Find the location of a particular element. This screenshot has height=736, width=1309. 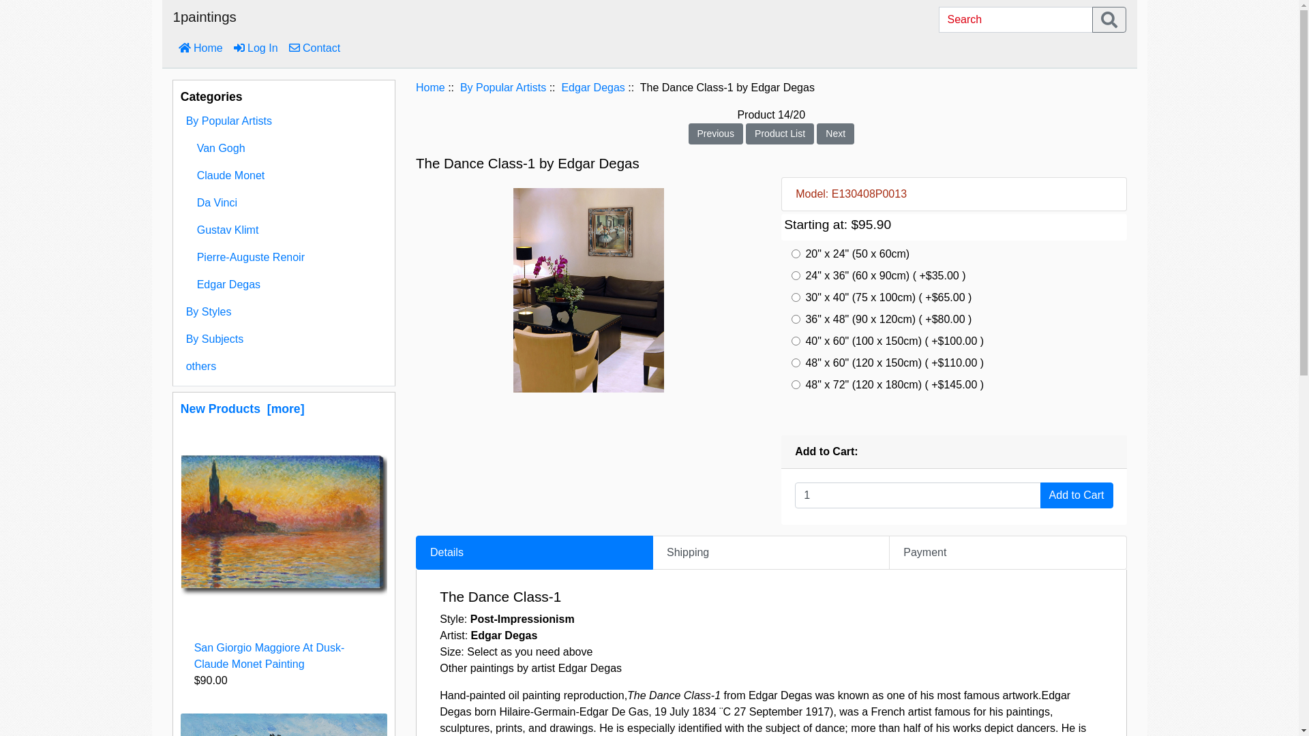

'Payment' is located at coordinates (1008, 552).